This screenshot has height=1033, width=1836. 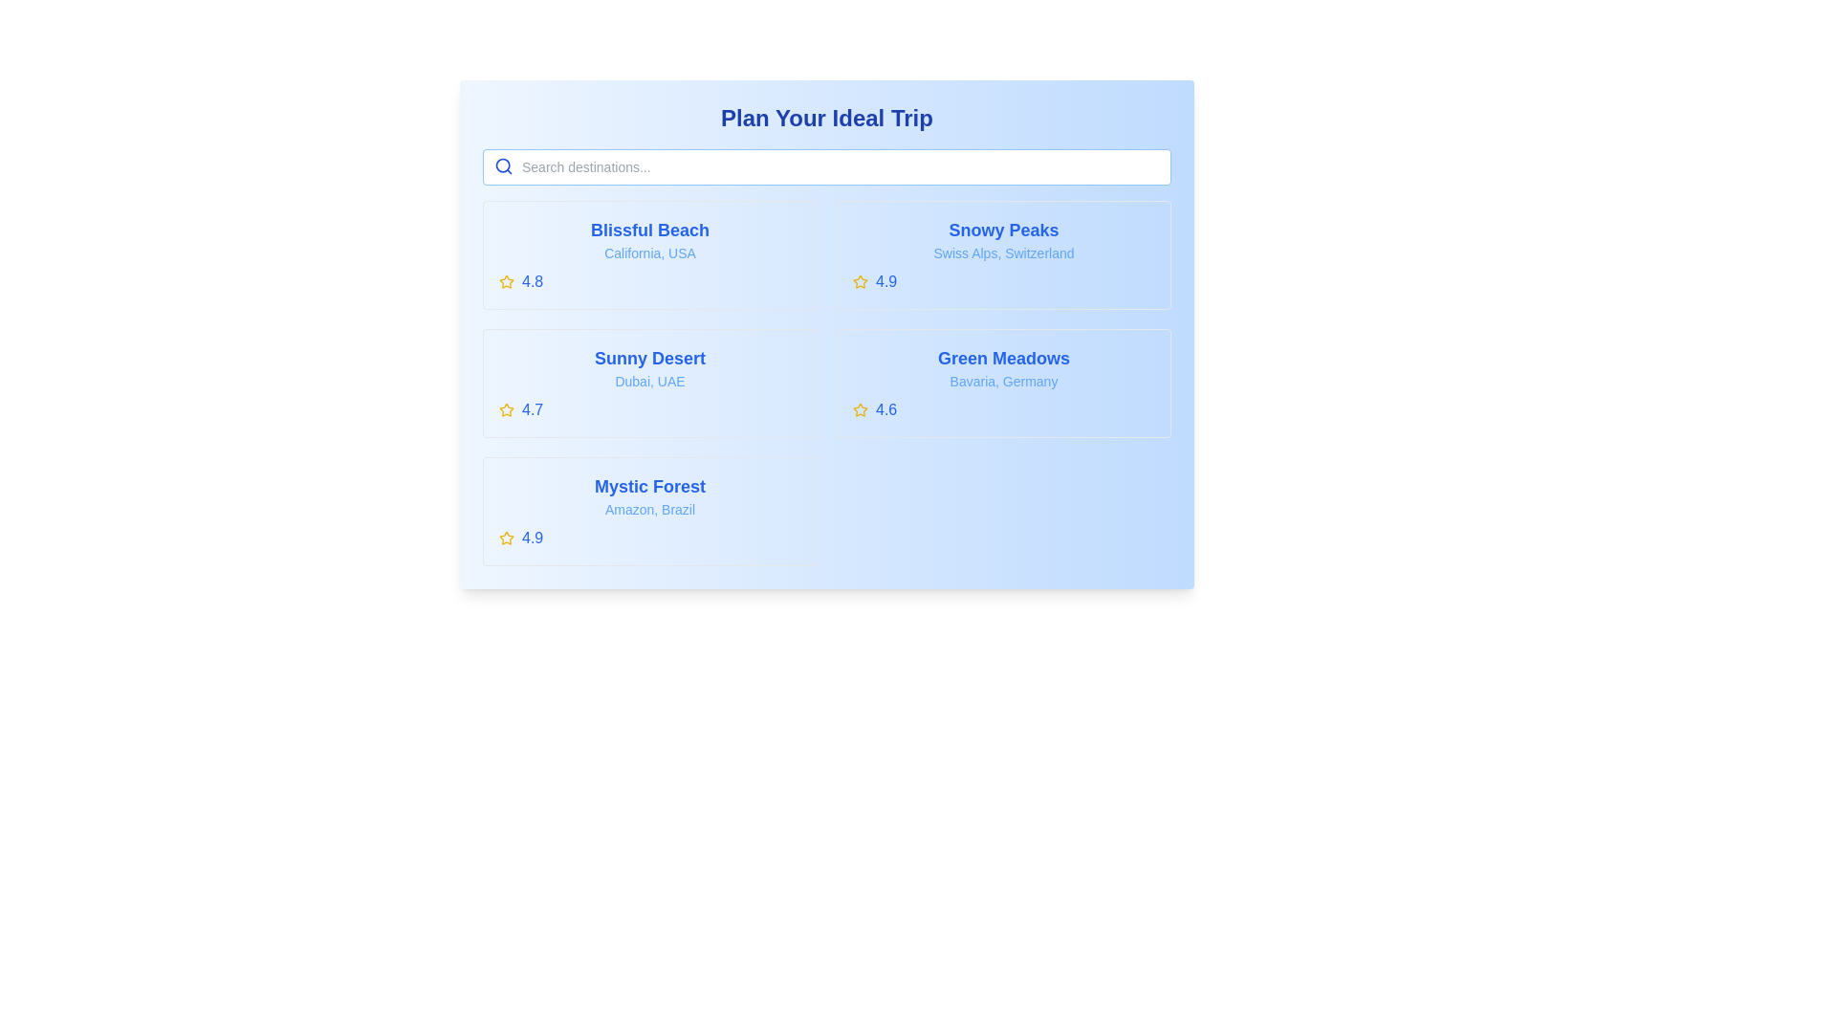 I want to click on the text label that reads 'Bavaria, Germany', which is styled in light blue and positioned below the title 'Green Meadows', so click(x=1003, y=381).